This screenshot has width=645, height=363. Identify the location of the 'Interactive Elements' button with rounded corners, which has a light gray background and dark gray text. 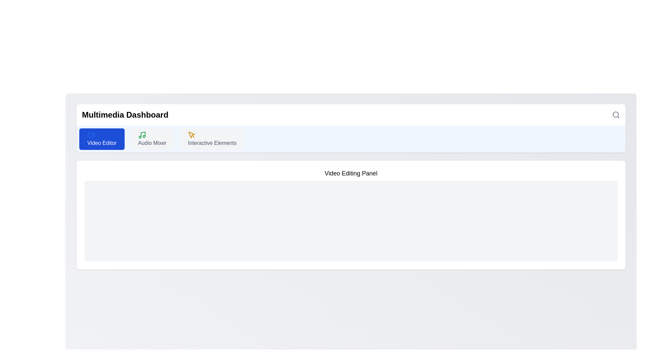
(212, 138).